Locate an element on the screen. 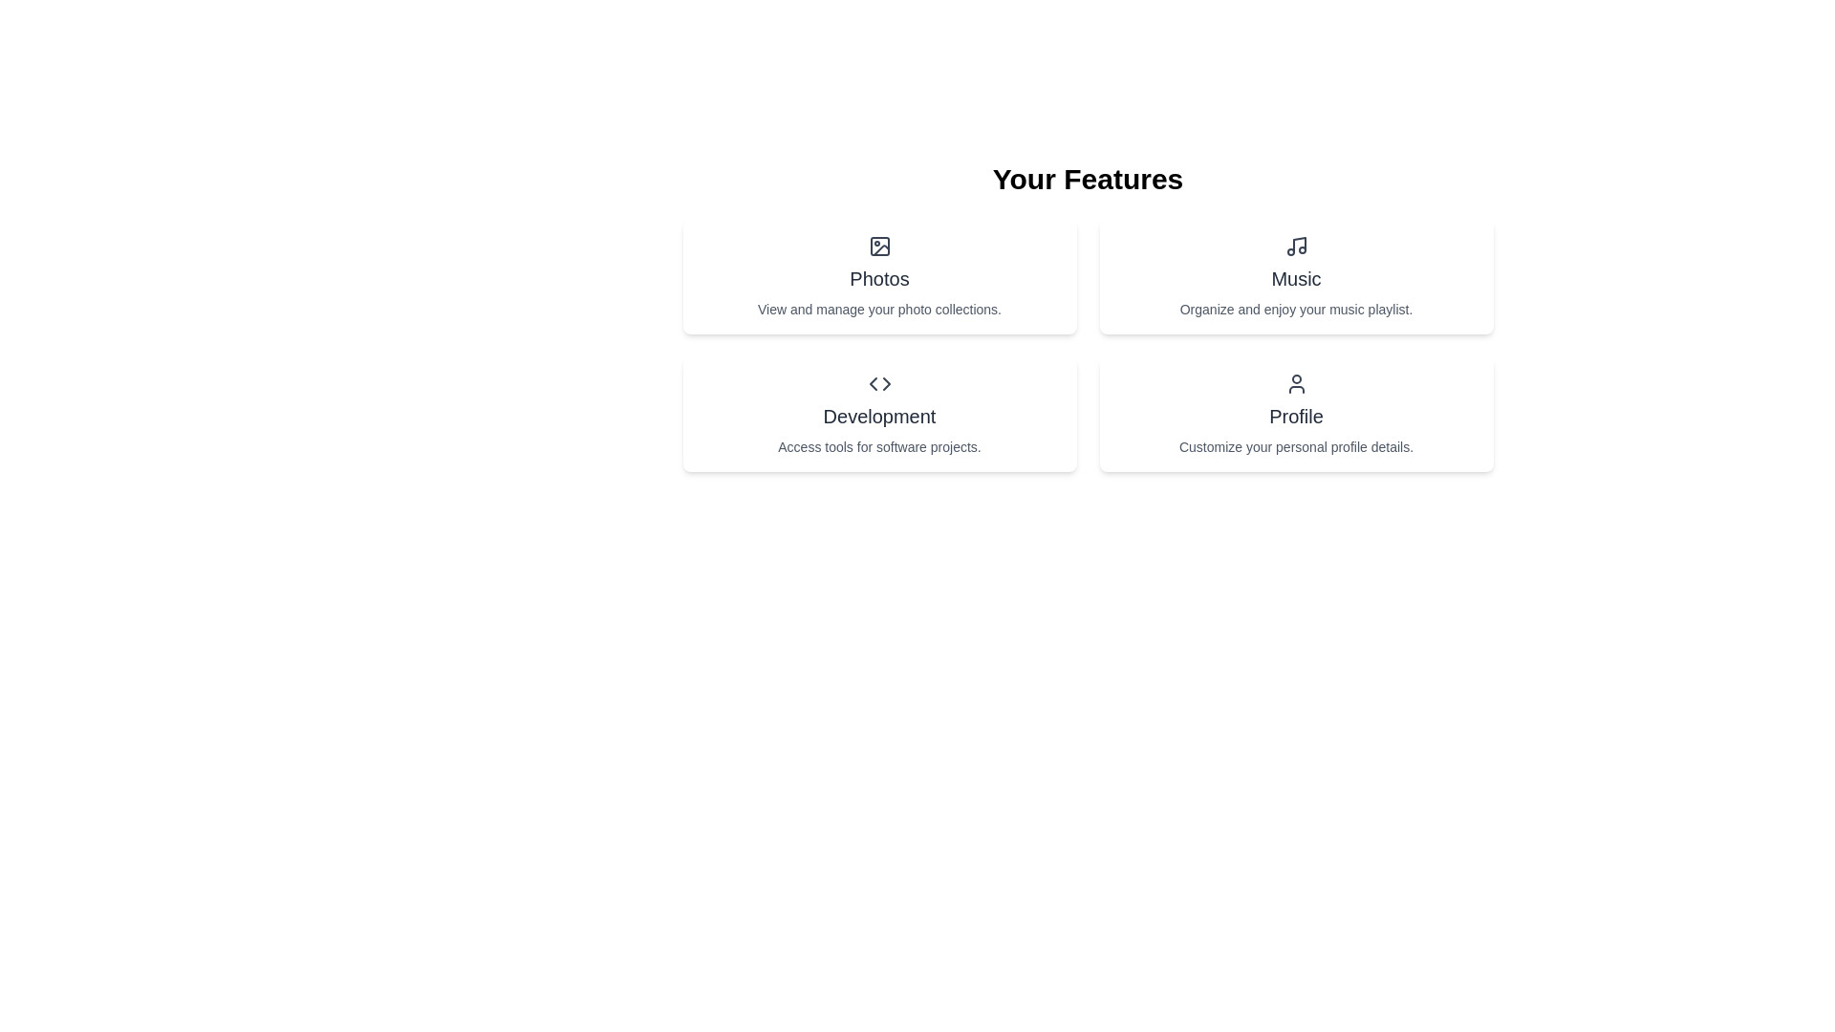  the text display component that says 'View and manage your photo collections.' which is located at the bottom of the card titled 'Photos.' is located at coordinates (878, 309).